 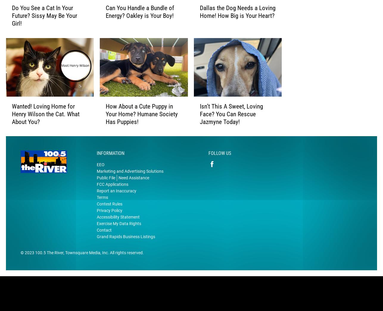 What do you see at coordinates (125, 262) in the screenshot?
I see `'. All rights reserved.'` at bounding box center [125, 262].